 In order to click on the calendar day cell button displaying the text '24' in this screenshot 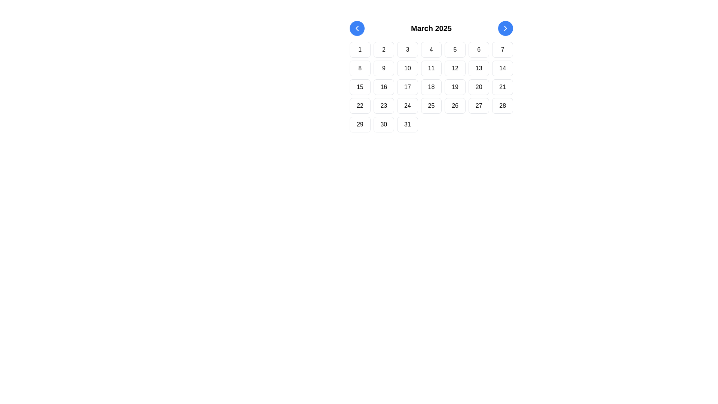, I will do `click(407, 105)`.